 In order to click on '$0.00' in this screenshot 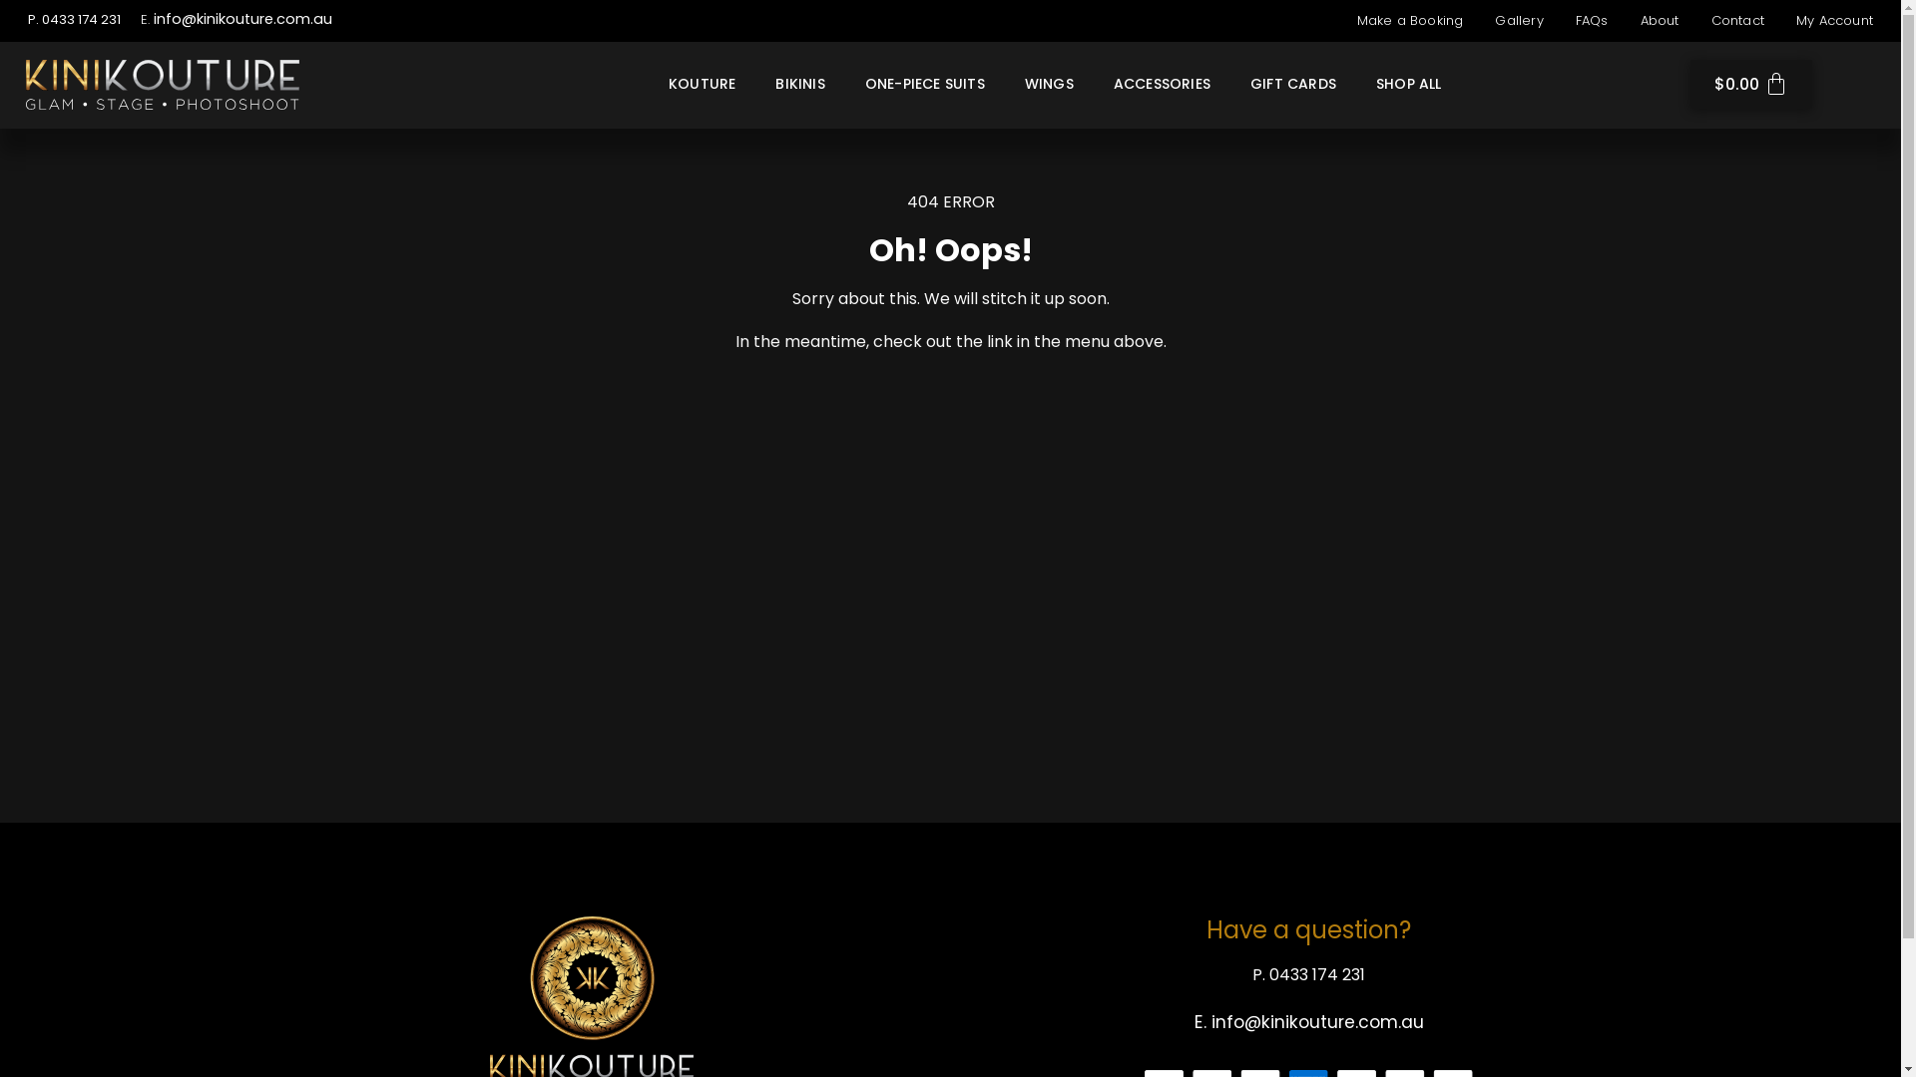, I will do `click(1750, 83)`.